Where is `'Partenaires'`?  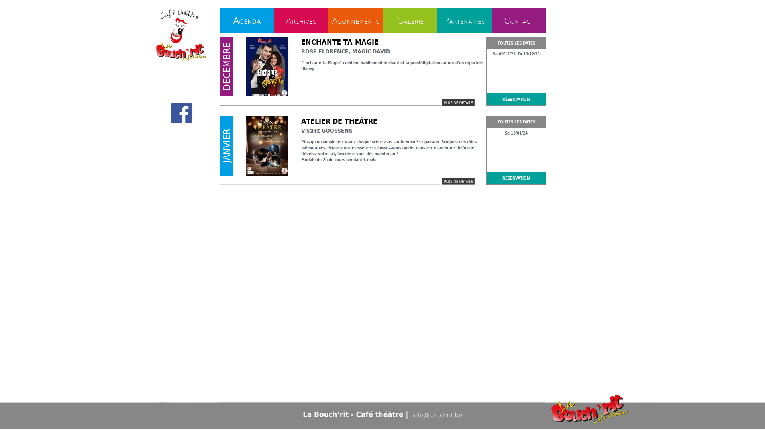 'Partenaires' is located at coordinates (465, 20).